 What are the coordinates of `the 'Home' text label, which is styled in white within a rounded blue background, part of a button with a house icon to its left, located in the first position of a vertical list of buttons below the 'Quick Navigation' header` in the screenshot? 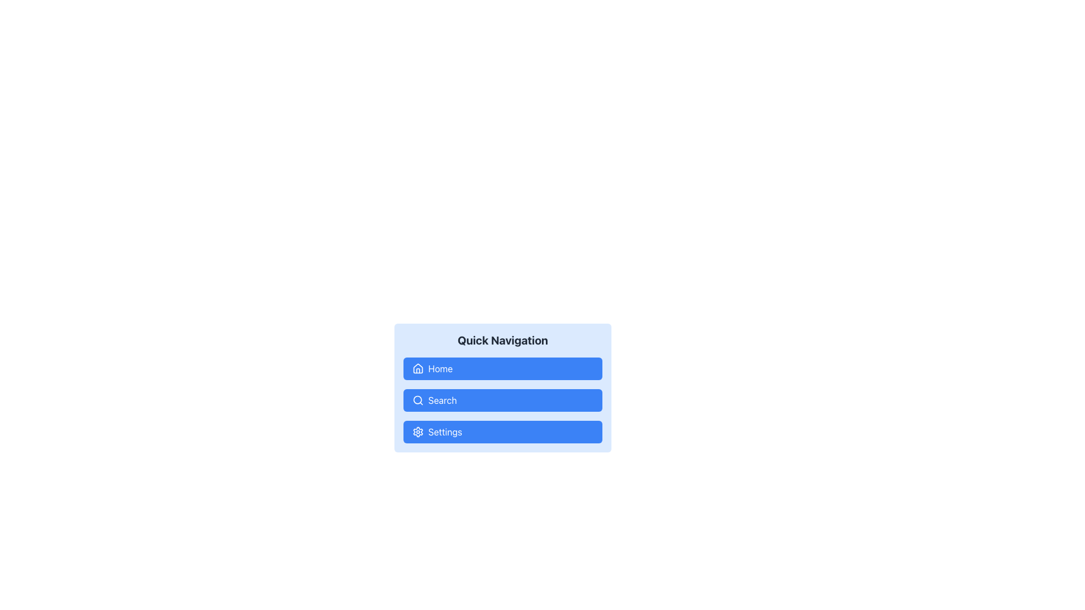 It's located at (440, 368).